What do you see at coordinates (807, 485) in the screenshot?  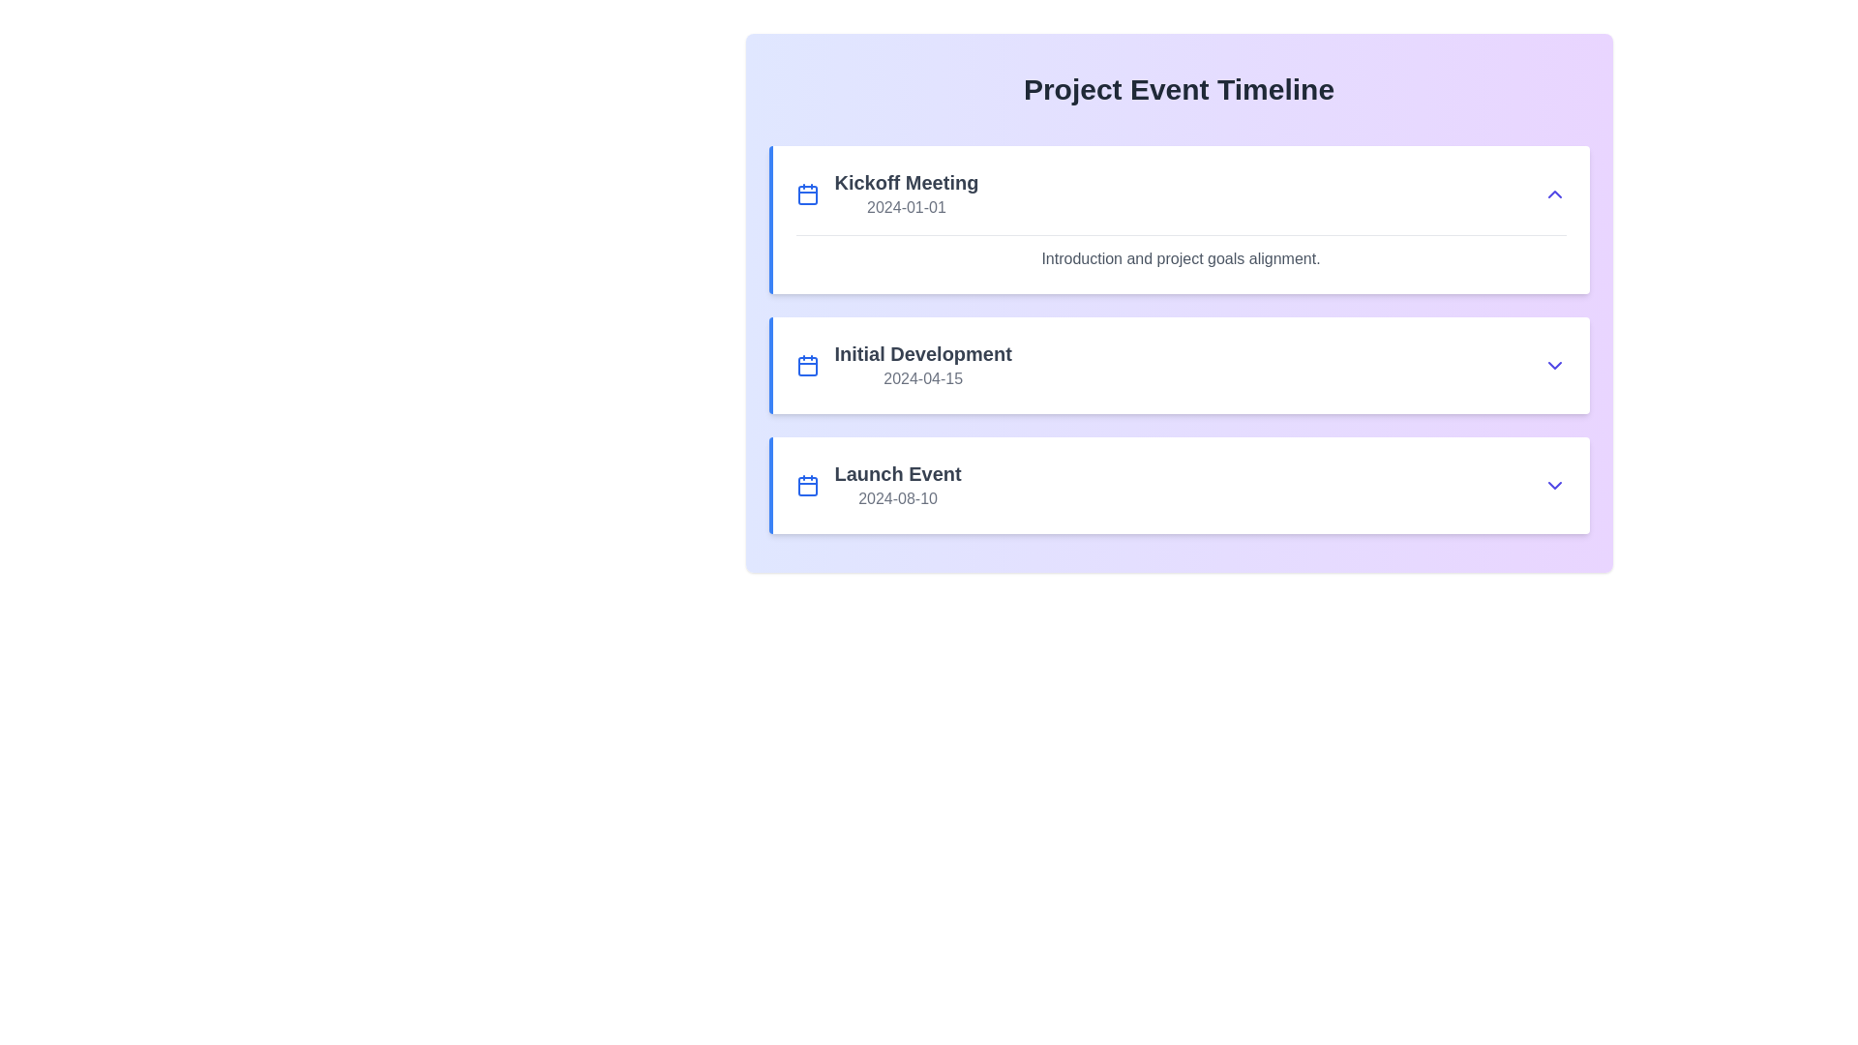 I see `the calendar icon representing the 'Launch Event' entry` at bounding box center [807, 485].